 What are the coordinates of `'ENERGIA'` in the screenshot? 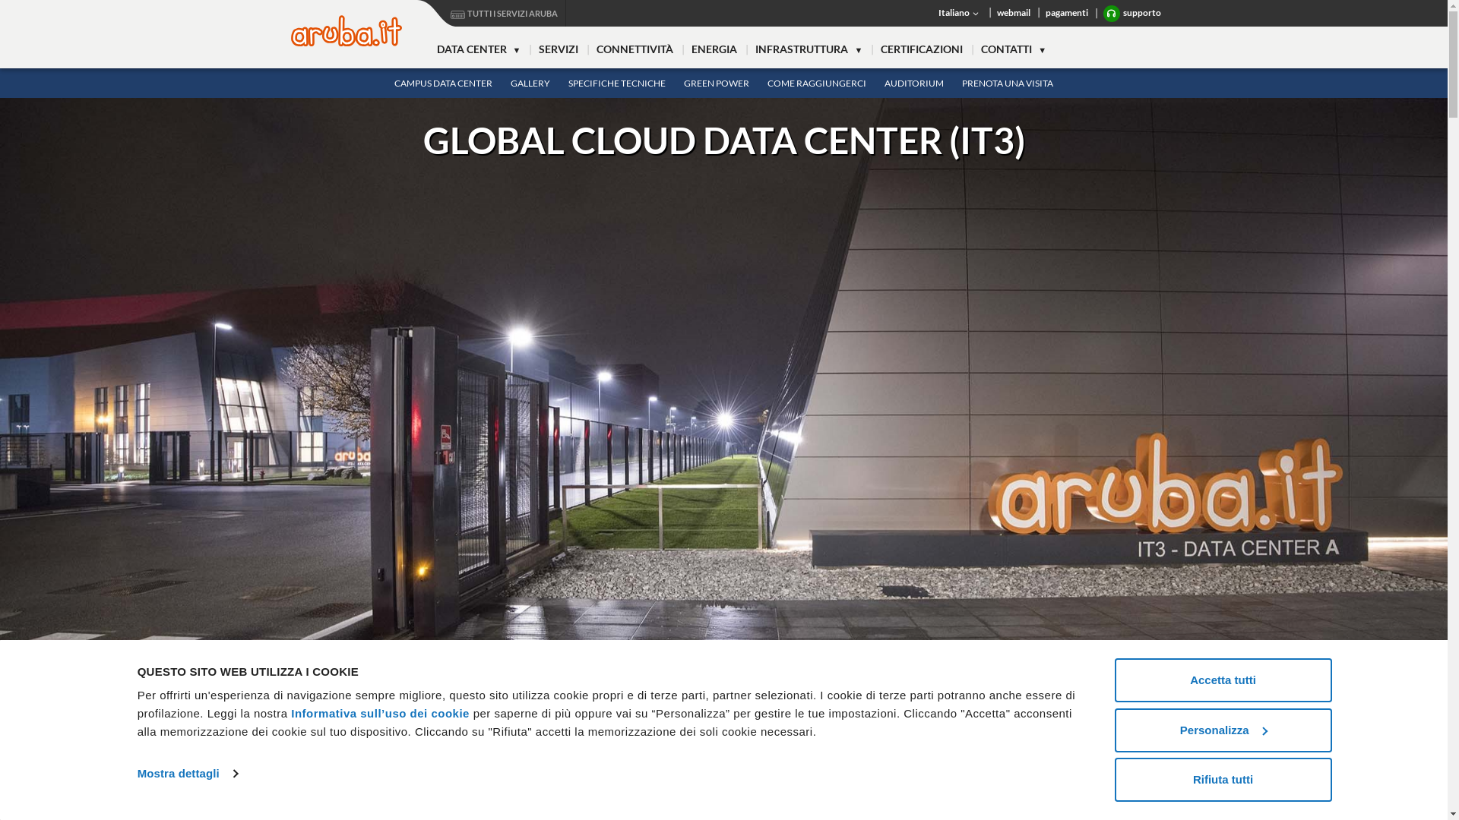 It's located at (714, 49).